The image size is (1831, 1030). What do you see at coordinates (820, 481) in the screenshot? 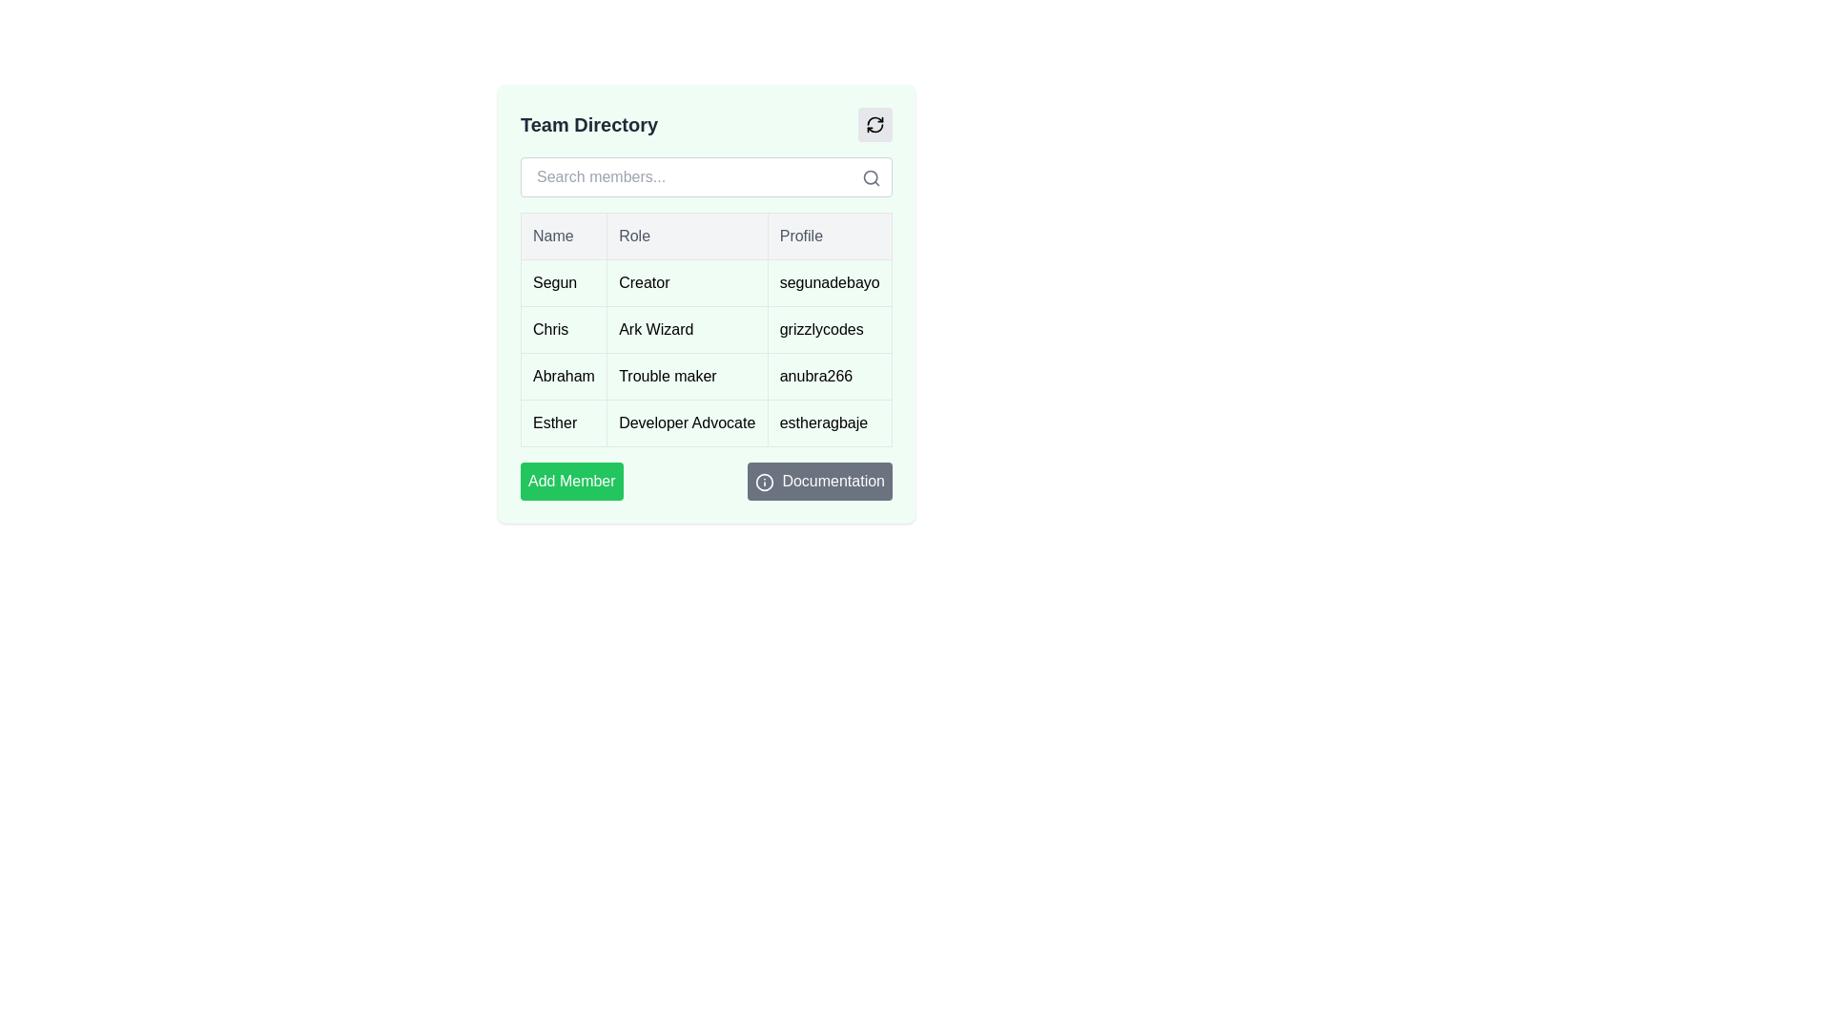
I see `the documentation button located at the bottom-right corner of a section to observe any hover effects` at bounding box center [820, 481].